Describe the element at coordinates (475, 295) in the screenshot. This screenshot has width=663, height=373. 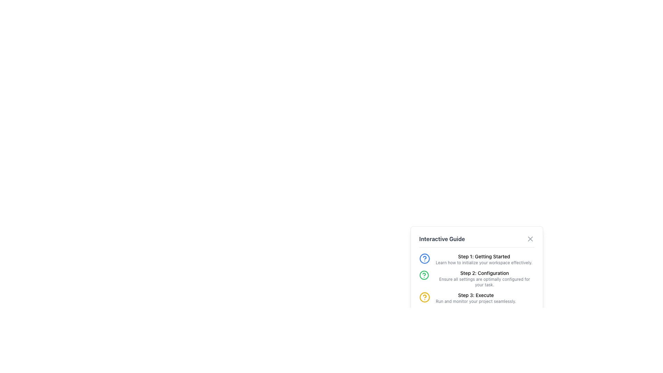
I see `the third Text Label in the 'Interactive Guide' section that provides a title for the corresponding step in the guide` at that location.